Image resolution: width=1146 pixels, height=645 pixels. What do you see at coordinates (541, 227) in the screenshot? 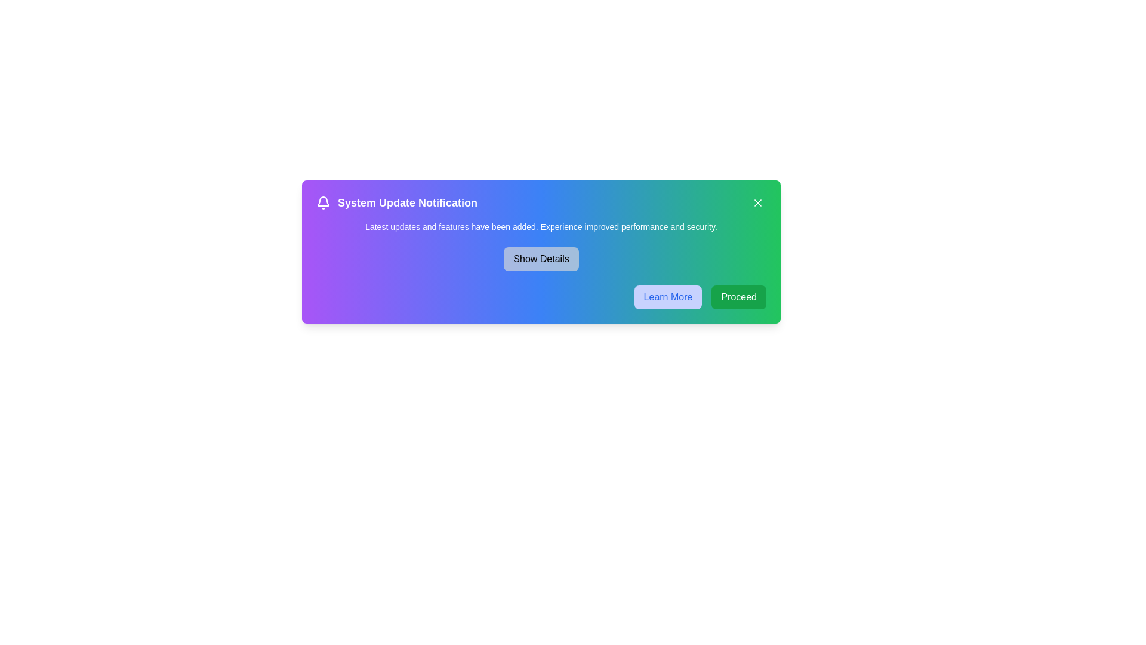
I see `the text block containing the message 'Latest updates and features have been added. Experience improved performance and security.' which is styled with small text size within a colorful gradient background, located below the 'System Update Notification' title and above the 'Show Details' button` at bounding box center [541, 227].